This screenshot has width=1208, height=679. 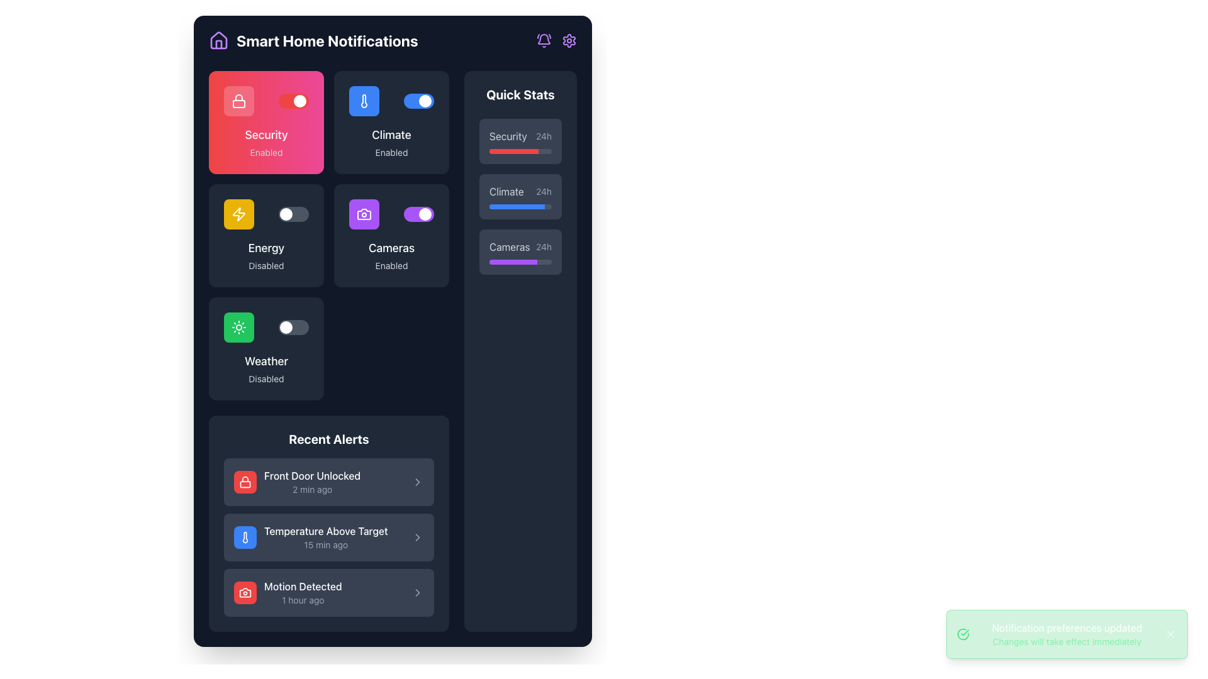 I want to click on the 'Quick Stats' text label located at the top of the section on the right side of the interface, so click(x=520, y=94).